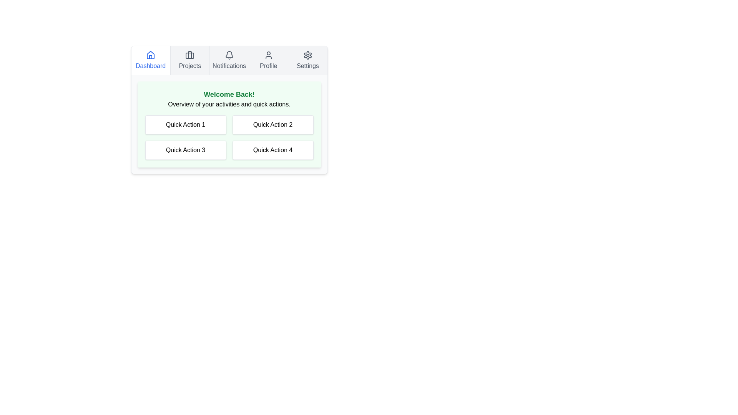 This screenshot has height=415, width=738. What do you see at coordinates (190, 60) in the screenshot?
I see `the 'Projects' text label with the briefcase icon located in the navigation bar, positioned second from the left` at bounding box center [190, 60].